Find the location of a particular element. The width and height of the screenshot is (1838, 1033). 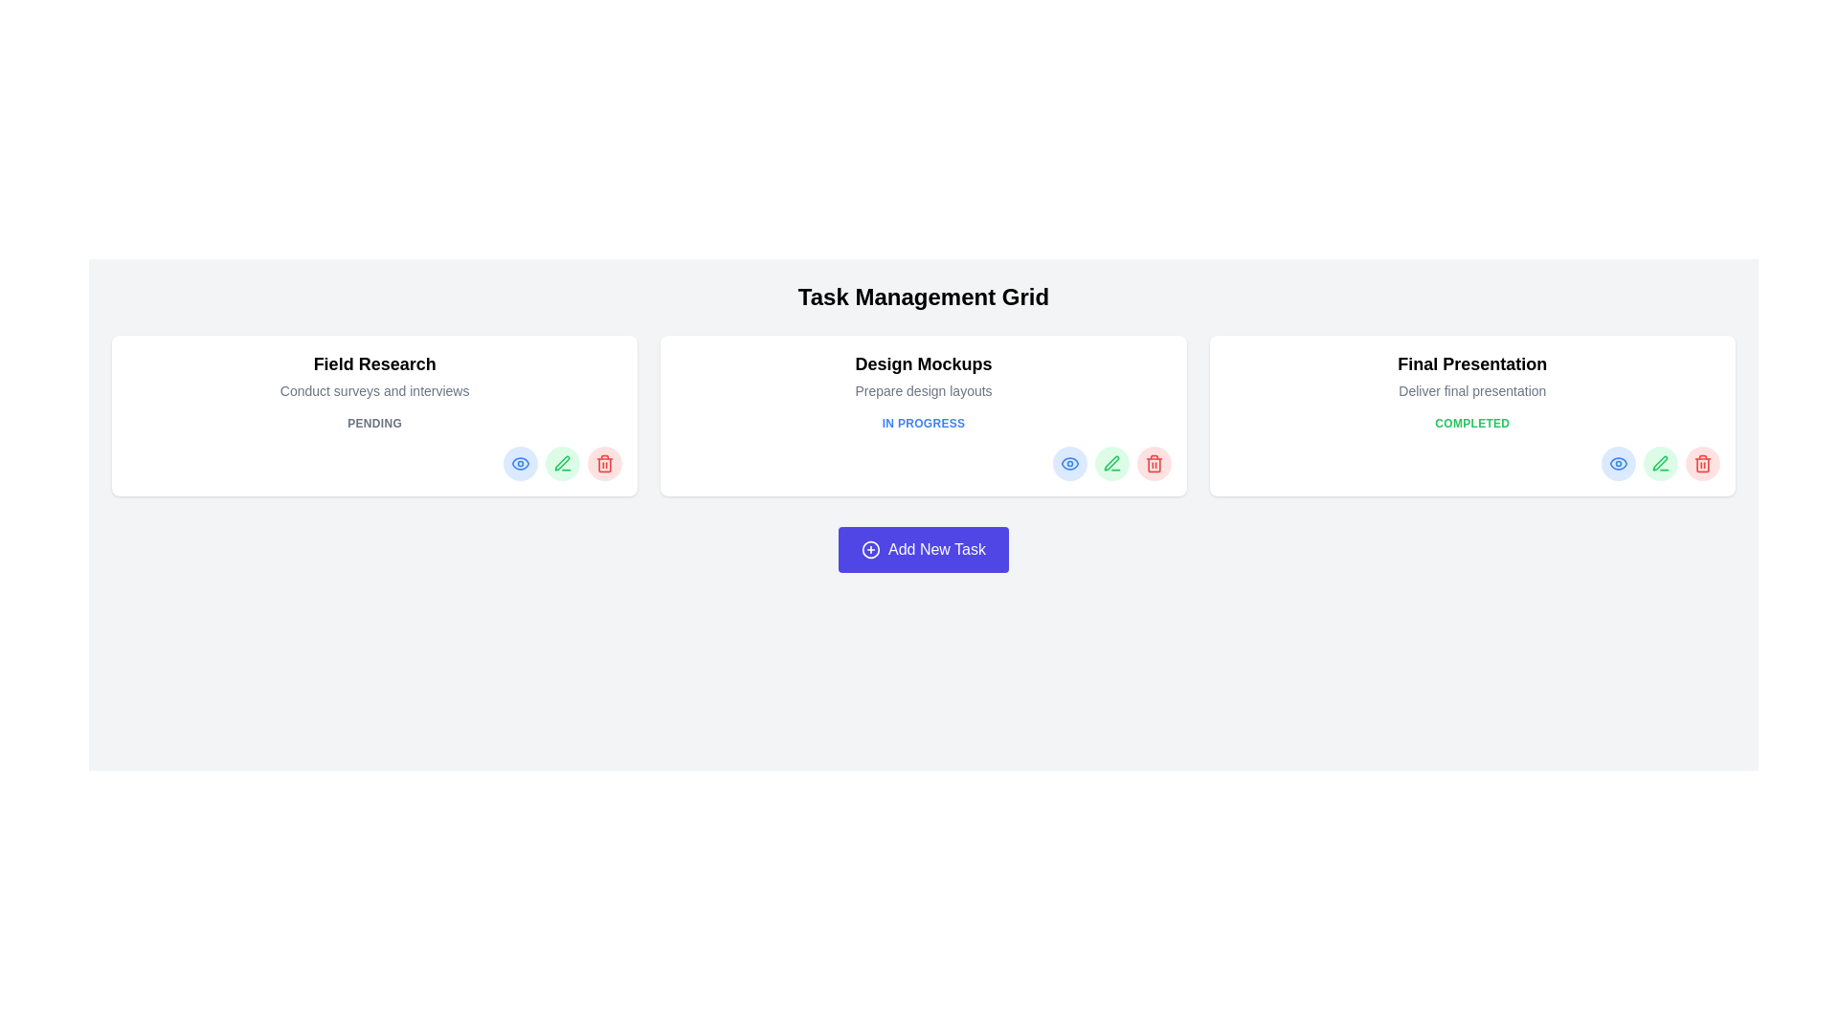

the text label located at the center of the rightmost task card, specifically the second textual description under the title 'Final Presentation' is located at coordinates (1471, 389).